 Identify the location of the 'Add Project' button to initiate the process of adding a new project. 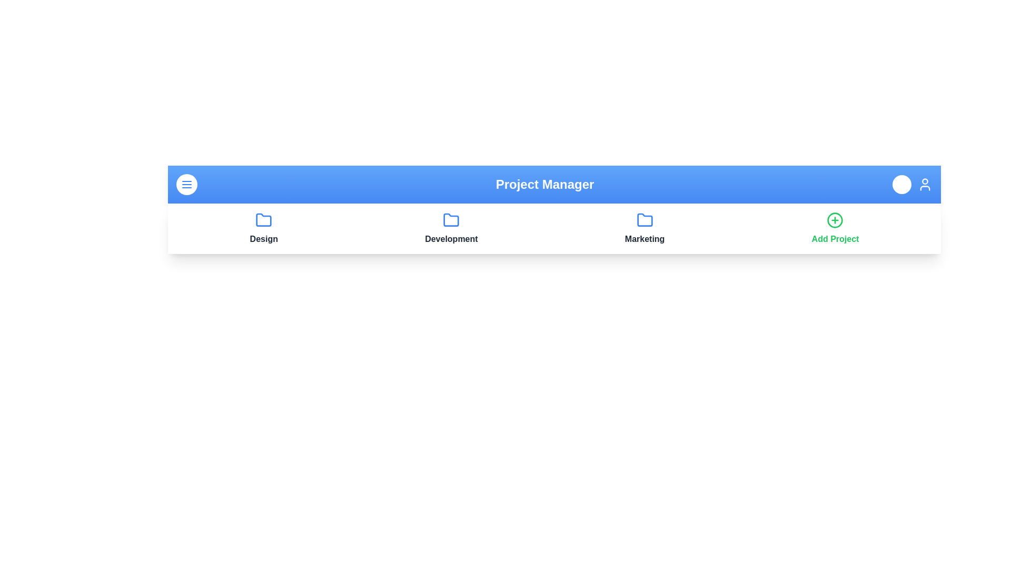
(834, 228).